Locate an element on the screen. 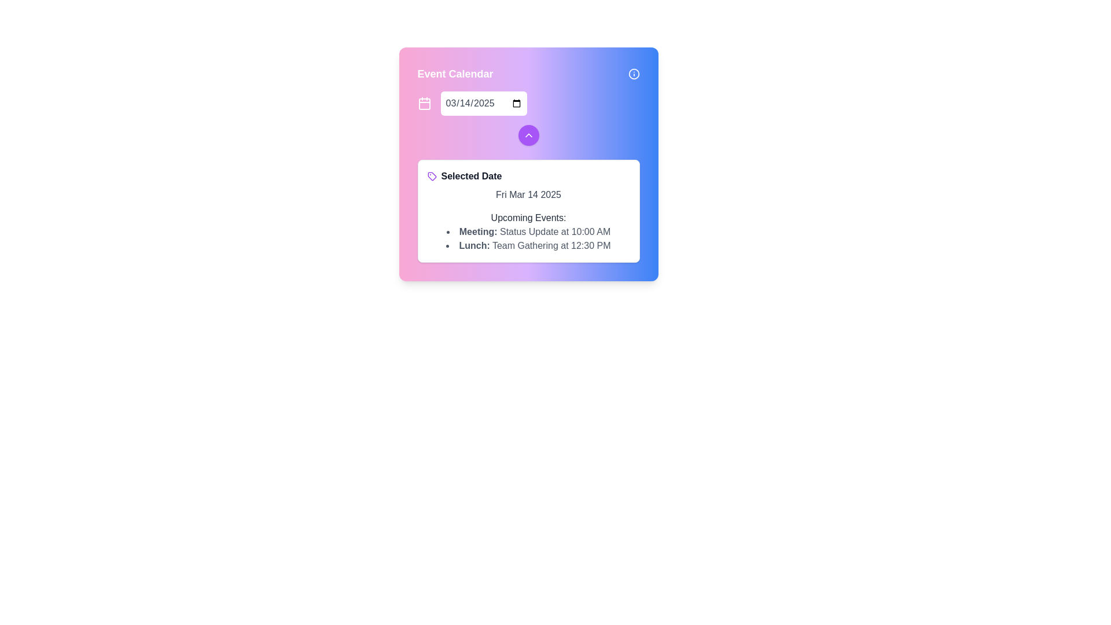  the text item displaying 'Meeting: Status Update at 10:00 AM' is located at coordinates (528, 232).